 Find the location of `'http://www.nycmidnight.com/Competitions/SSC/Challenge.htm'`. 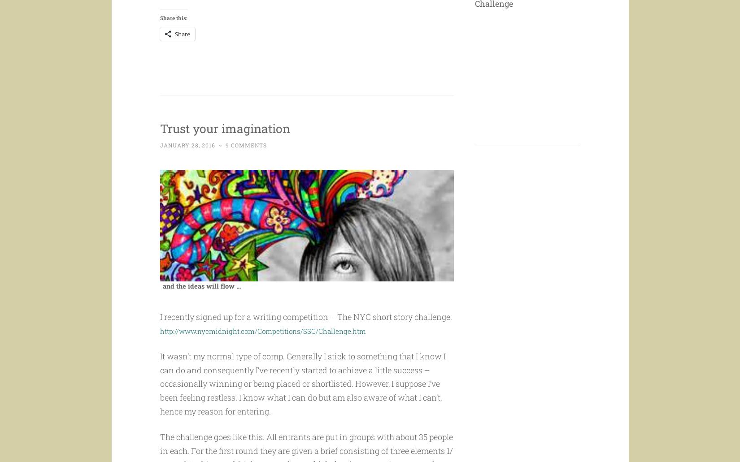

'http://www.nycmidnight.com/Competitions/SSC/Challenge.htm' is located at coordinates (160, 347).